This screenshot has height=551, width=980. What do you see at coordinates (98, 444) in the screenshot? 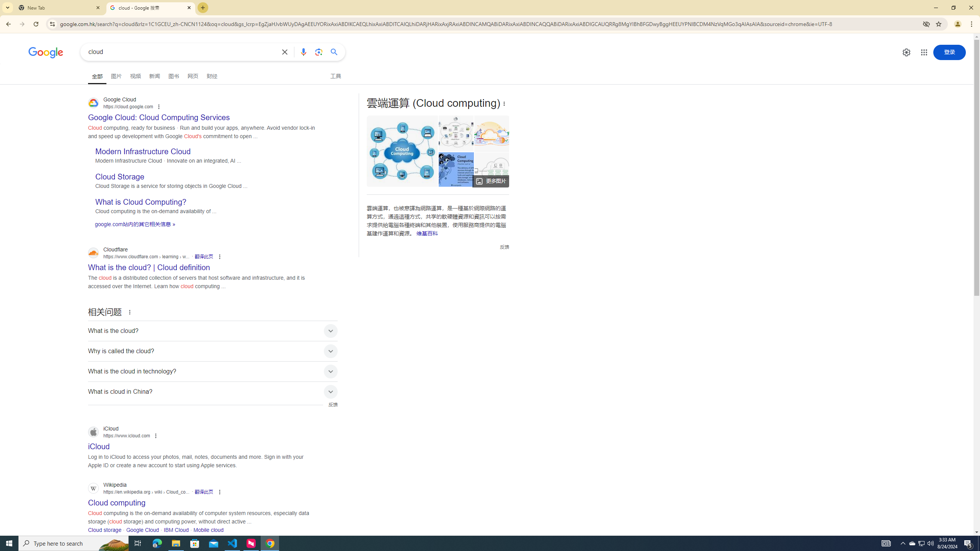
I see `' iCloud iCloud https://www.icloud.com'` at bounding box center [98, 444].